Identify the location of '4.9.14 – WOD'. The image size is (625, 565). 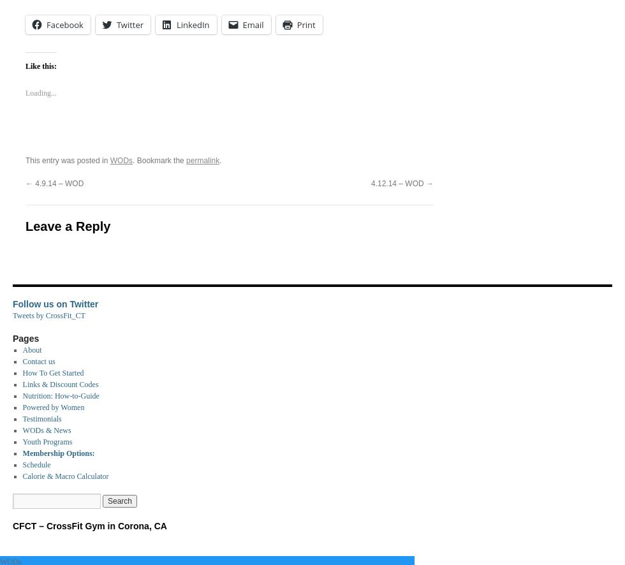
(58, 184).